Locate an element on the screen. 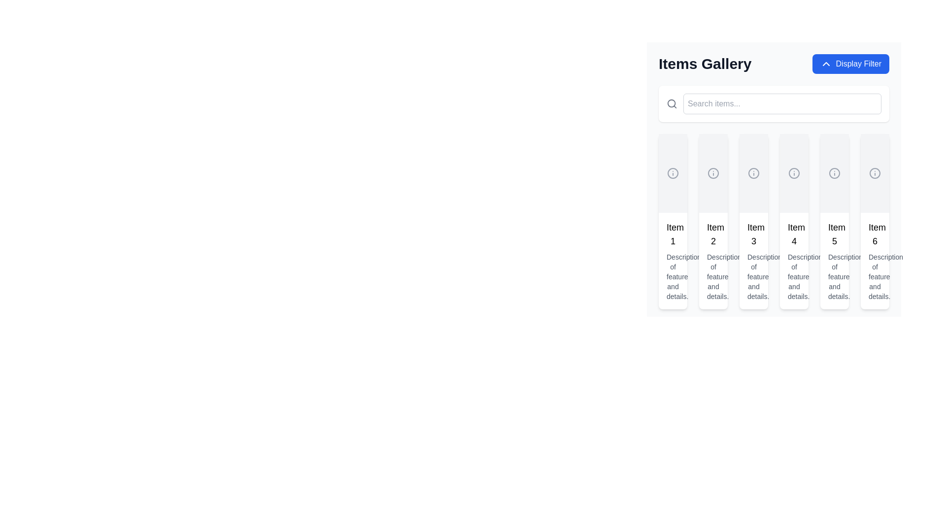 The height and width of the screenshot is (532, 946). the icon placeholder located at the top section of the second card labeled 'Item 2' in the grid layout is located at coordinates (713, 172).